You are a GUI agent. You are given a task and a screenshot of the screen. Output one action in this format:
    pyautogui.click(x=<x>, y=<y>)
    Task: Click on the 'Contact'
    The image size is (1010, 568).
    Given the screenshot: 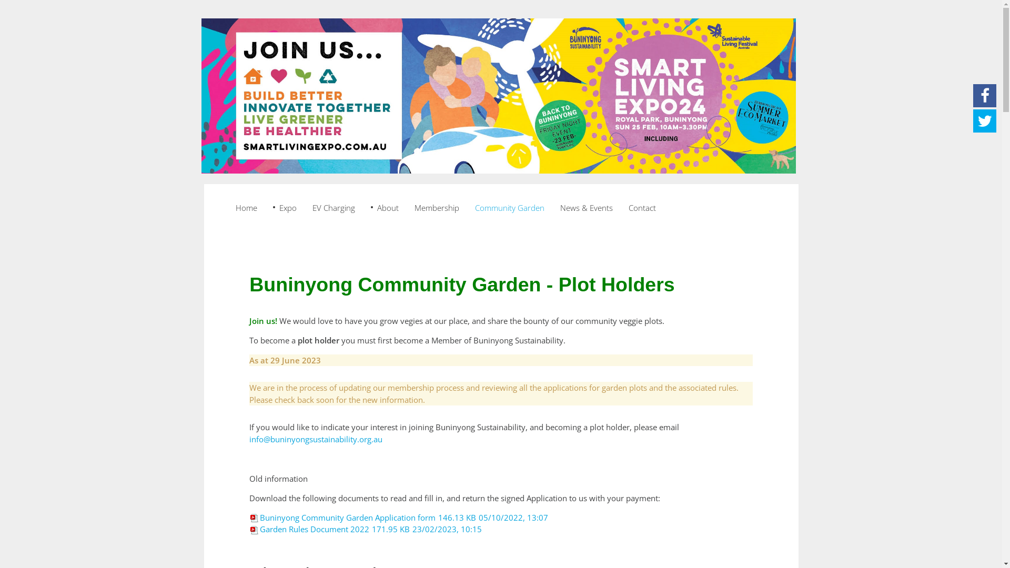 What is the action you would take?
    pyautogui.click(x=641, y=207)
    